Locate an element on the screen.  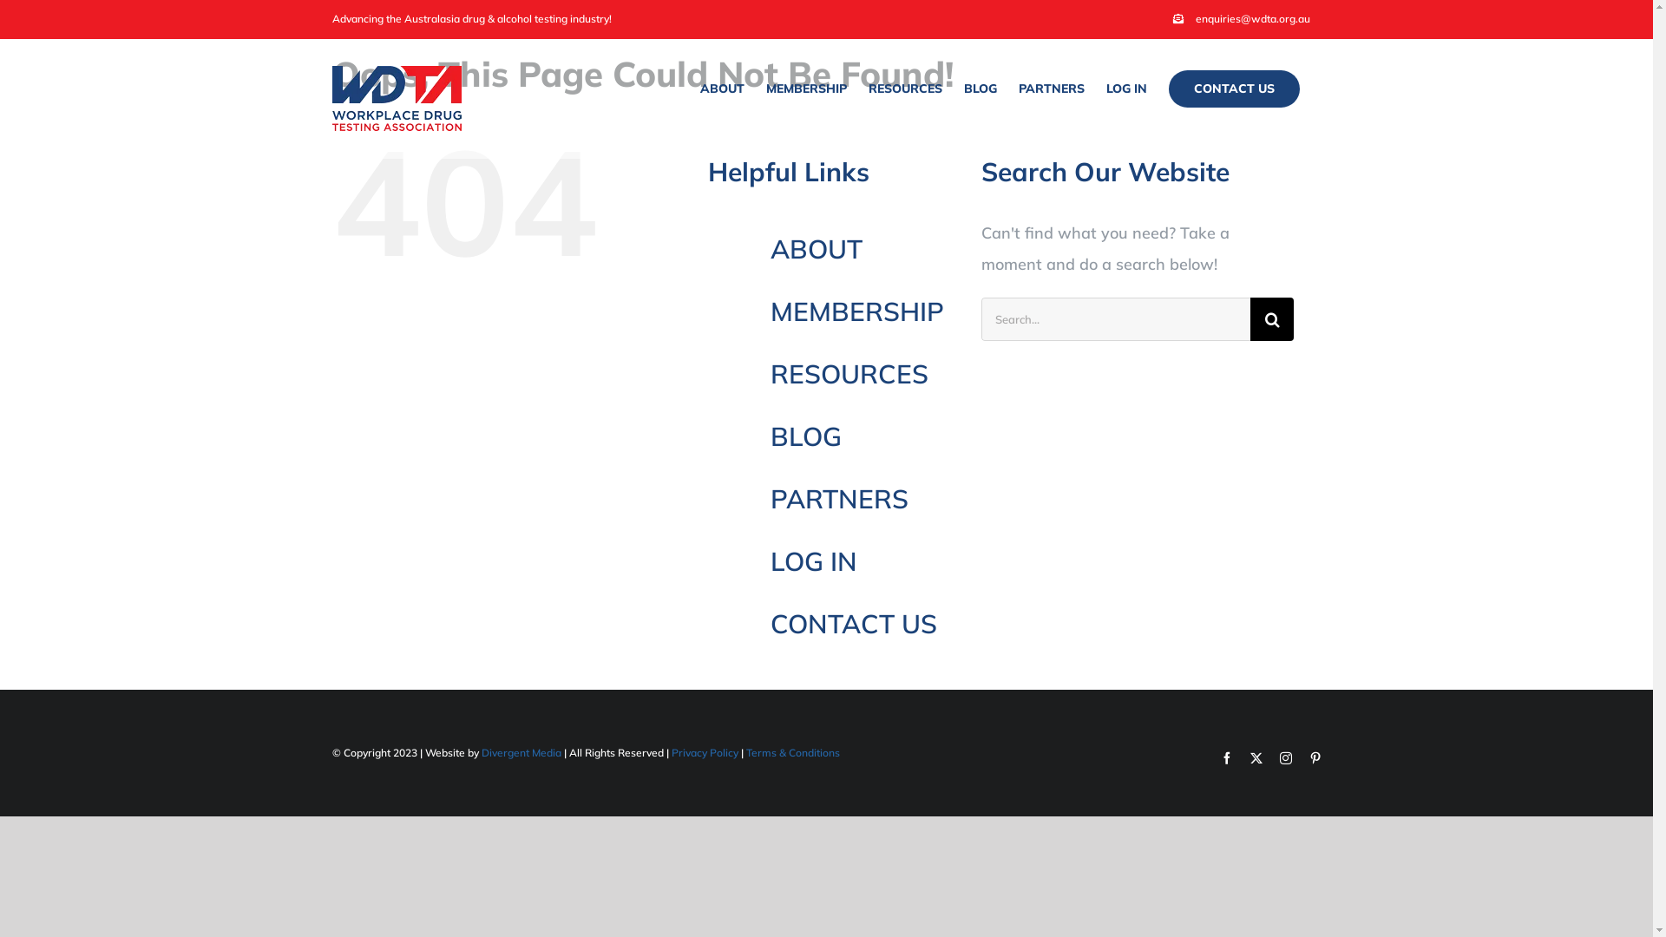
'PARTNERS' is located at coordinates (1050, 88).